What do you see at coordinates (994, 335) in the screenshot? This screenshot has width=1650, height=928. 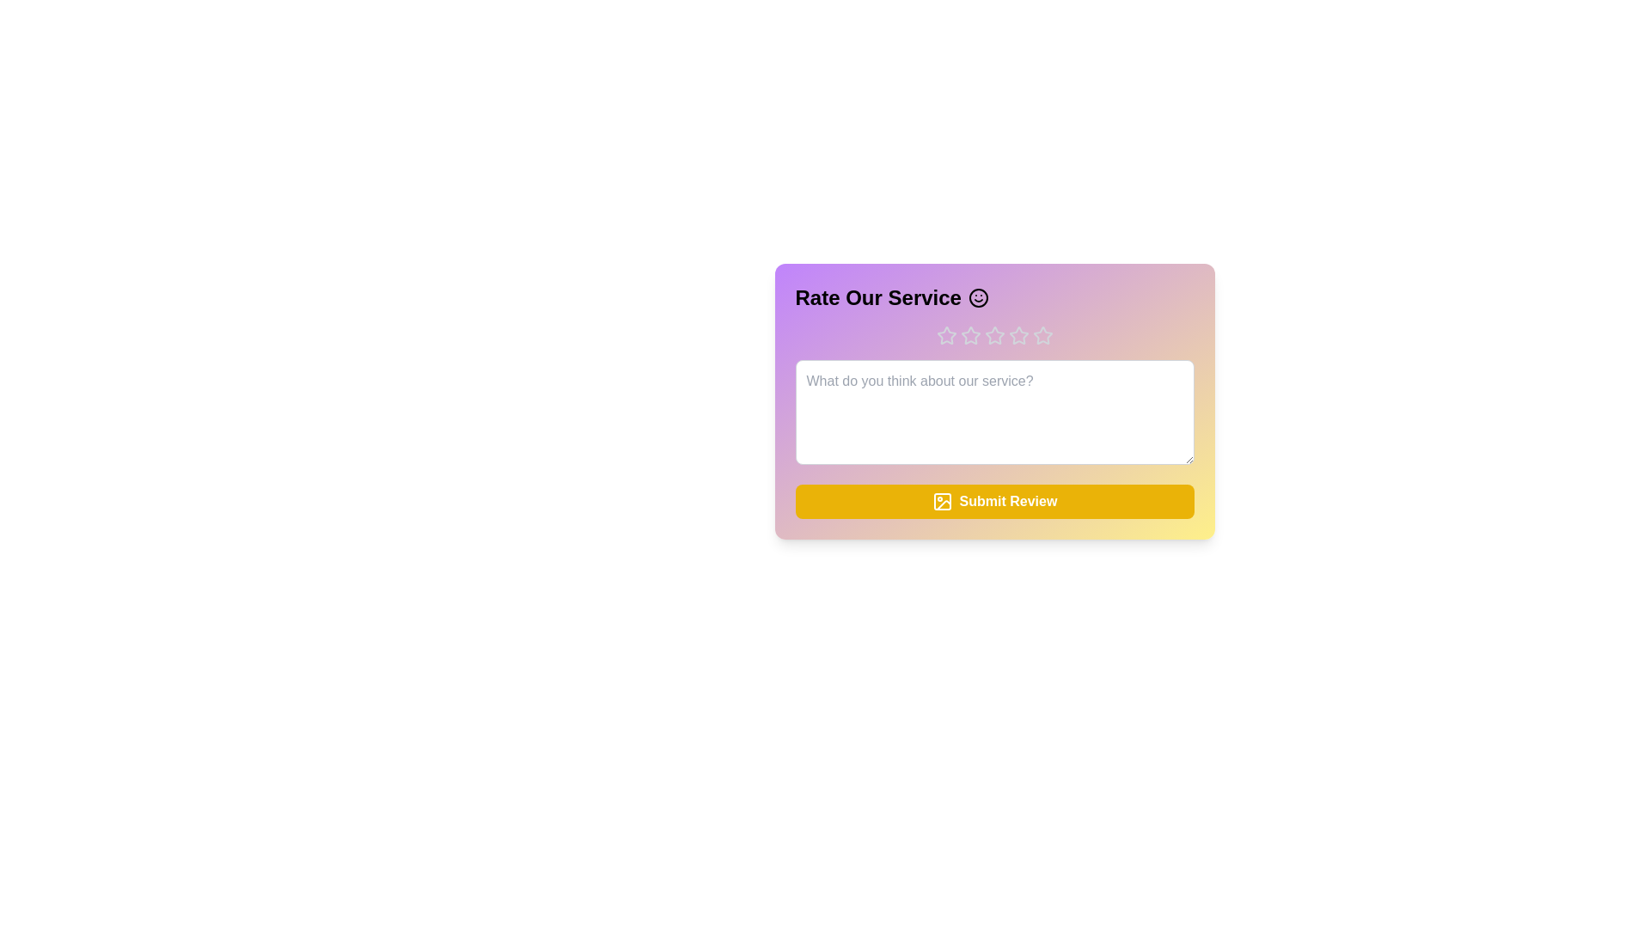 I see `the star corresponding to the desired rating value 3` at bounding box center [994, 335].